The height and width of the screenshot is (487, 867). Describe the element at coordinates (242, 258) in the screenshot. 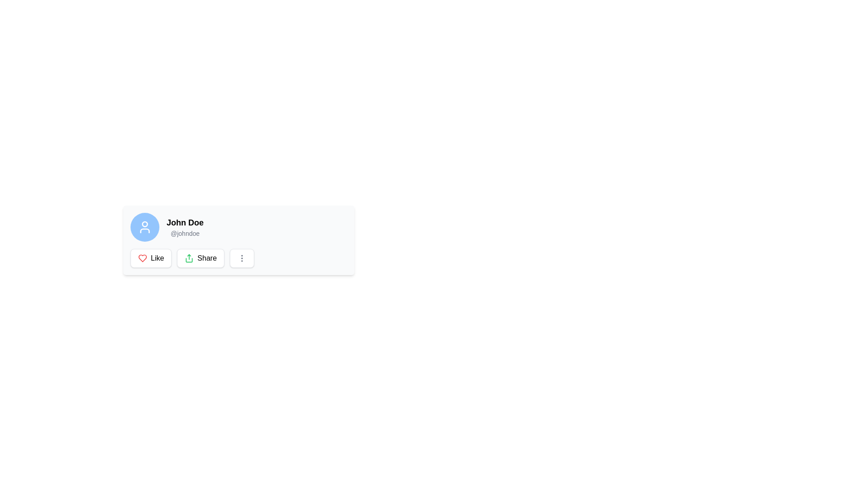

I see `the third interactive button located to the far right of the row containing the 'Like' and 'Share' buttons` at that location.